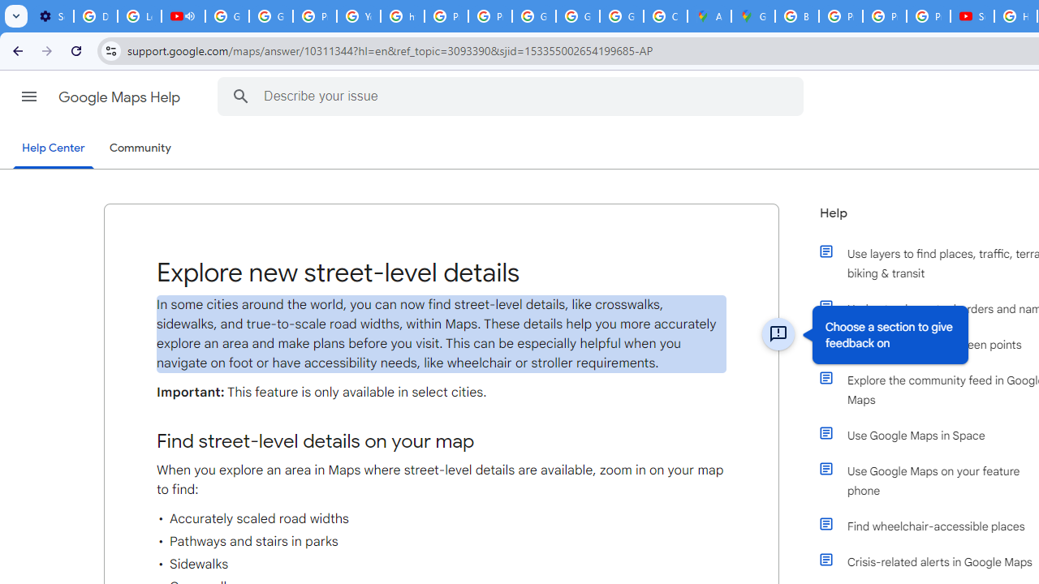 Image resolution: width=1039 pixels, height=584 pixels. Describe the element at coordinates (357, 16) in the screenshot. I see `'YouTube'` at that location.